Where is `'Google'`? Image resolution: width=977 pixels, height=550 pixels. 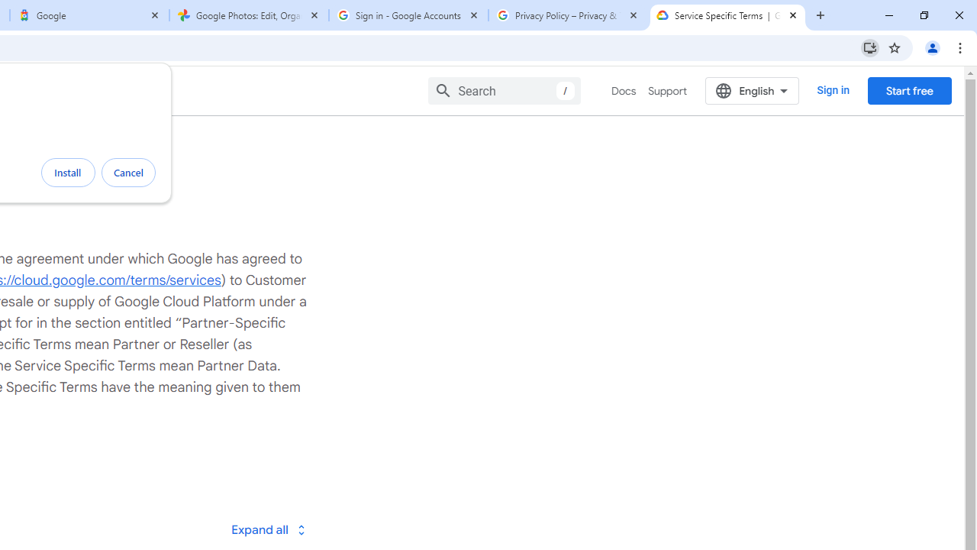 'Google' is located at coordinates (89, 15).